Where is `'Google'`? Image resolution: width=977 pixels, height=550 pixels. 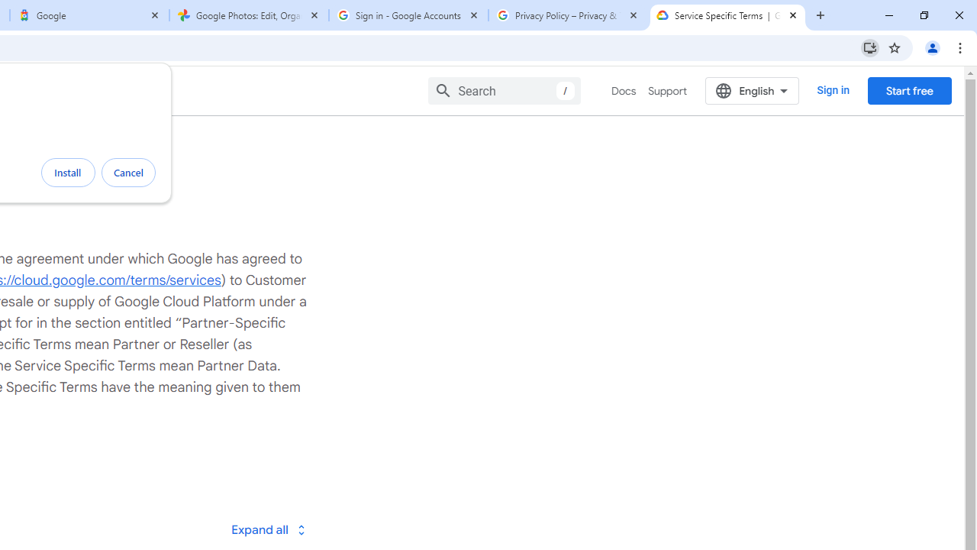 'Google' is located at coordinates (89, 15).